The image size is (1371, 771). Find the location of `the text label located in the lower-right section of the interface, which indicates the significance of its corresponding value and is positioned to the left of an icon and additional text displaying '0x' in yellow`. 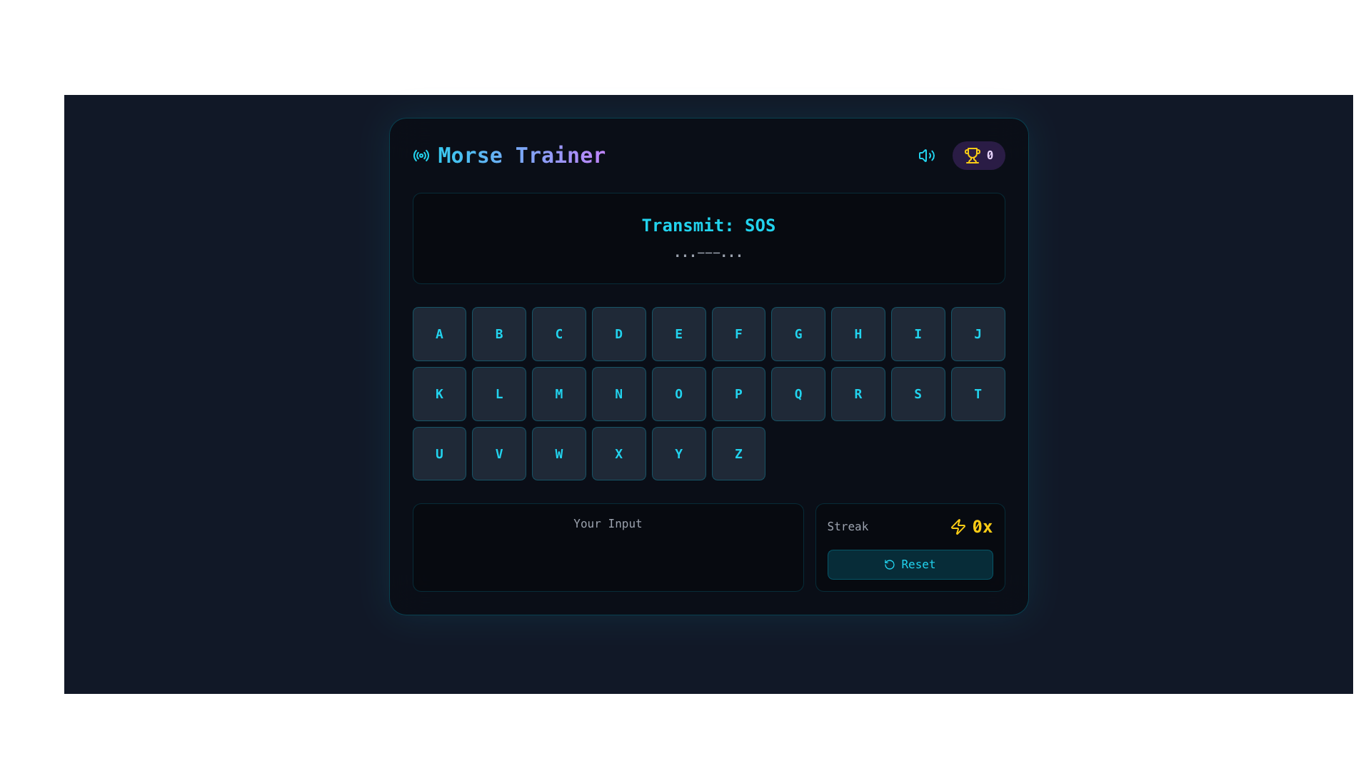

the text label located in the lower-right section of the interface, which indicates the significance of its corresponding value and is positioned to the left of an icon and additional text displaying '0x' in yellow is located at coordinates (848, 527).